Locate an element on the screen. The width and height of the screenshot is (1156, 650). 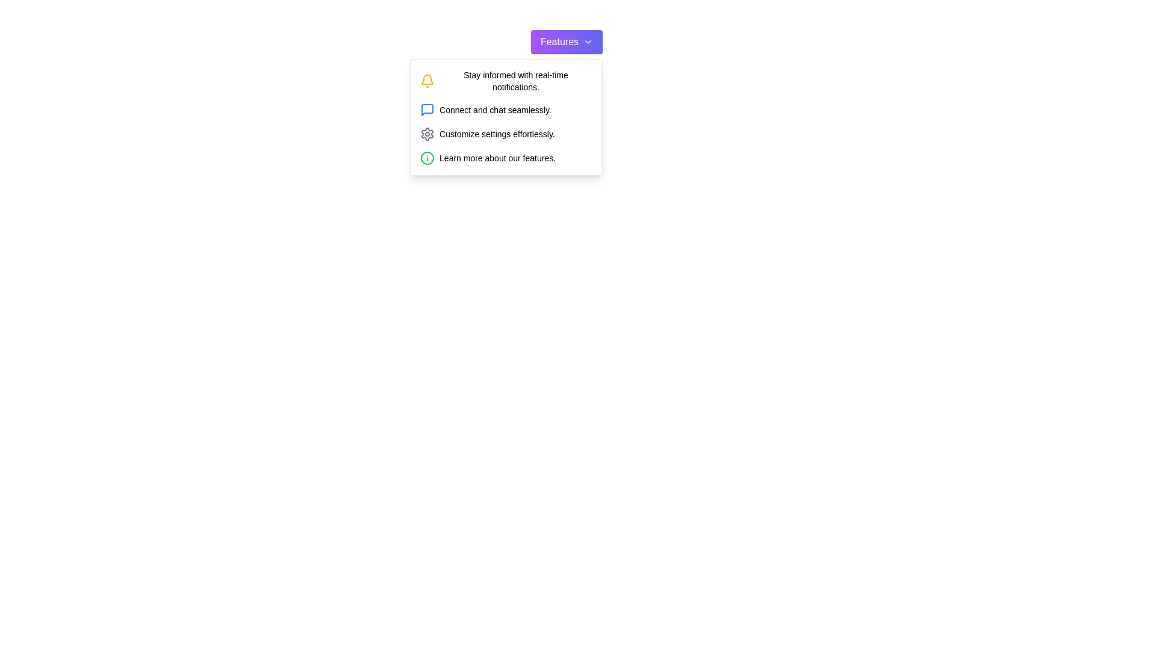
the notification bell SVG icon, which is yellow and located next to the label 'Stay informed with real-time notifications.' is located at coordinates (427, 81).